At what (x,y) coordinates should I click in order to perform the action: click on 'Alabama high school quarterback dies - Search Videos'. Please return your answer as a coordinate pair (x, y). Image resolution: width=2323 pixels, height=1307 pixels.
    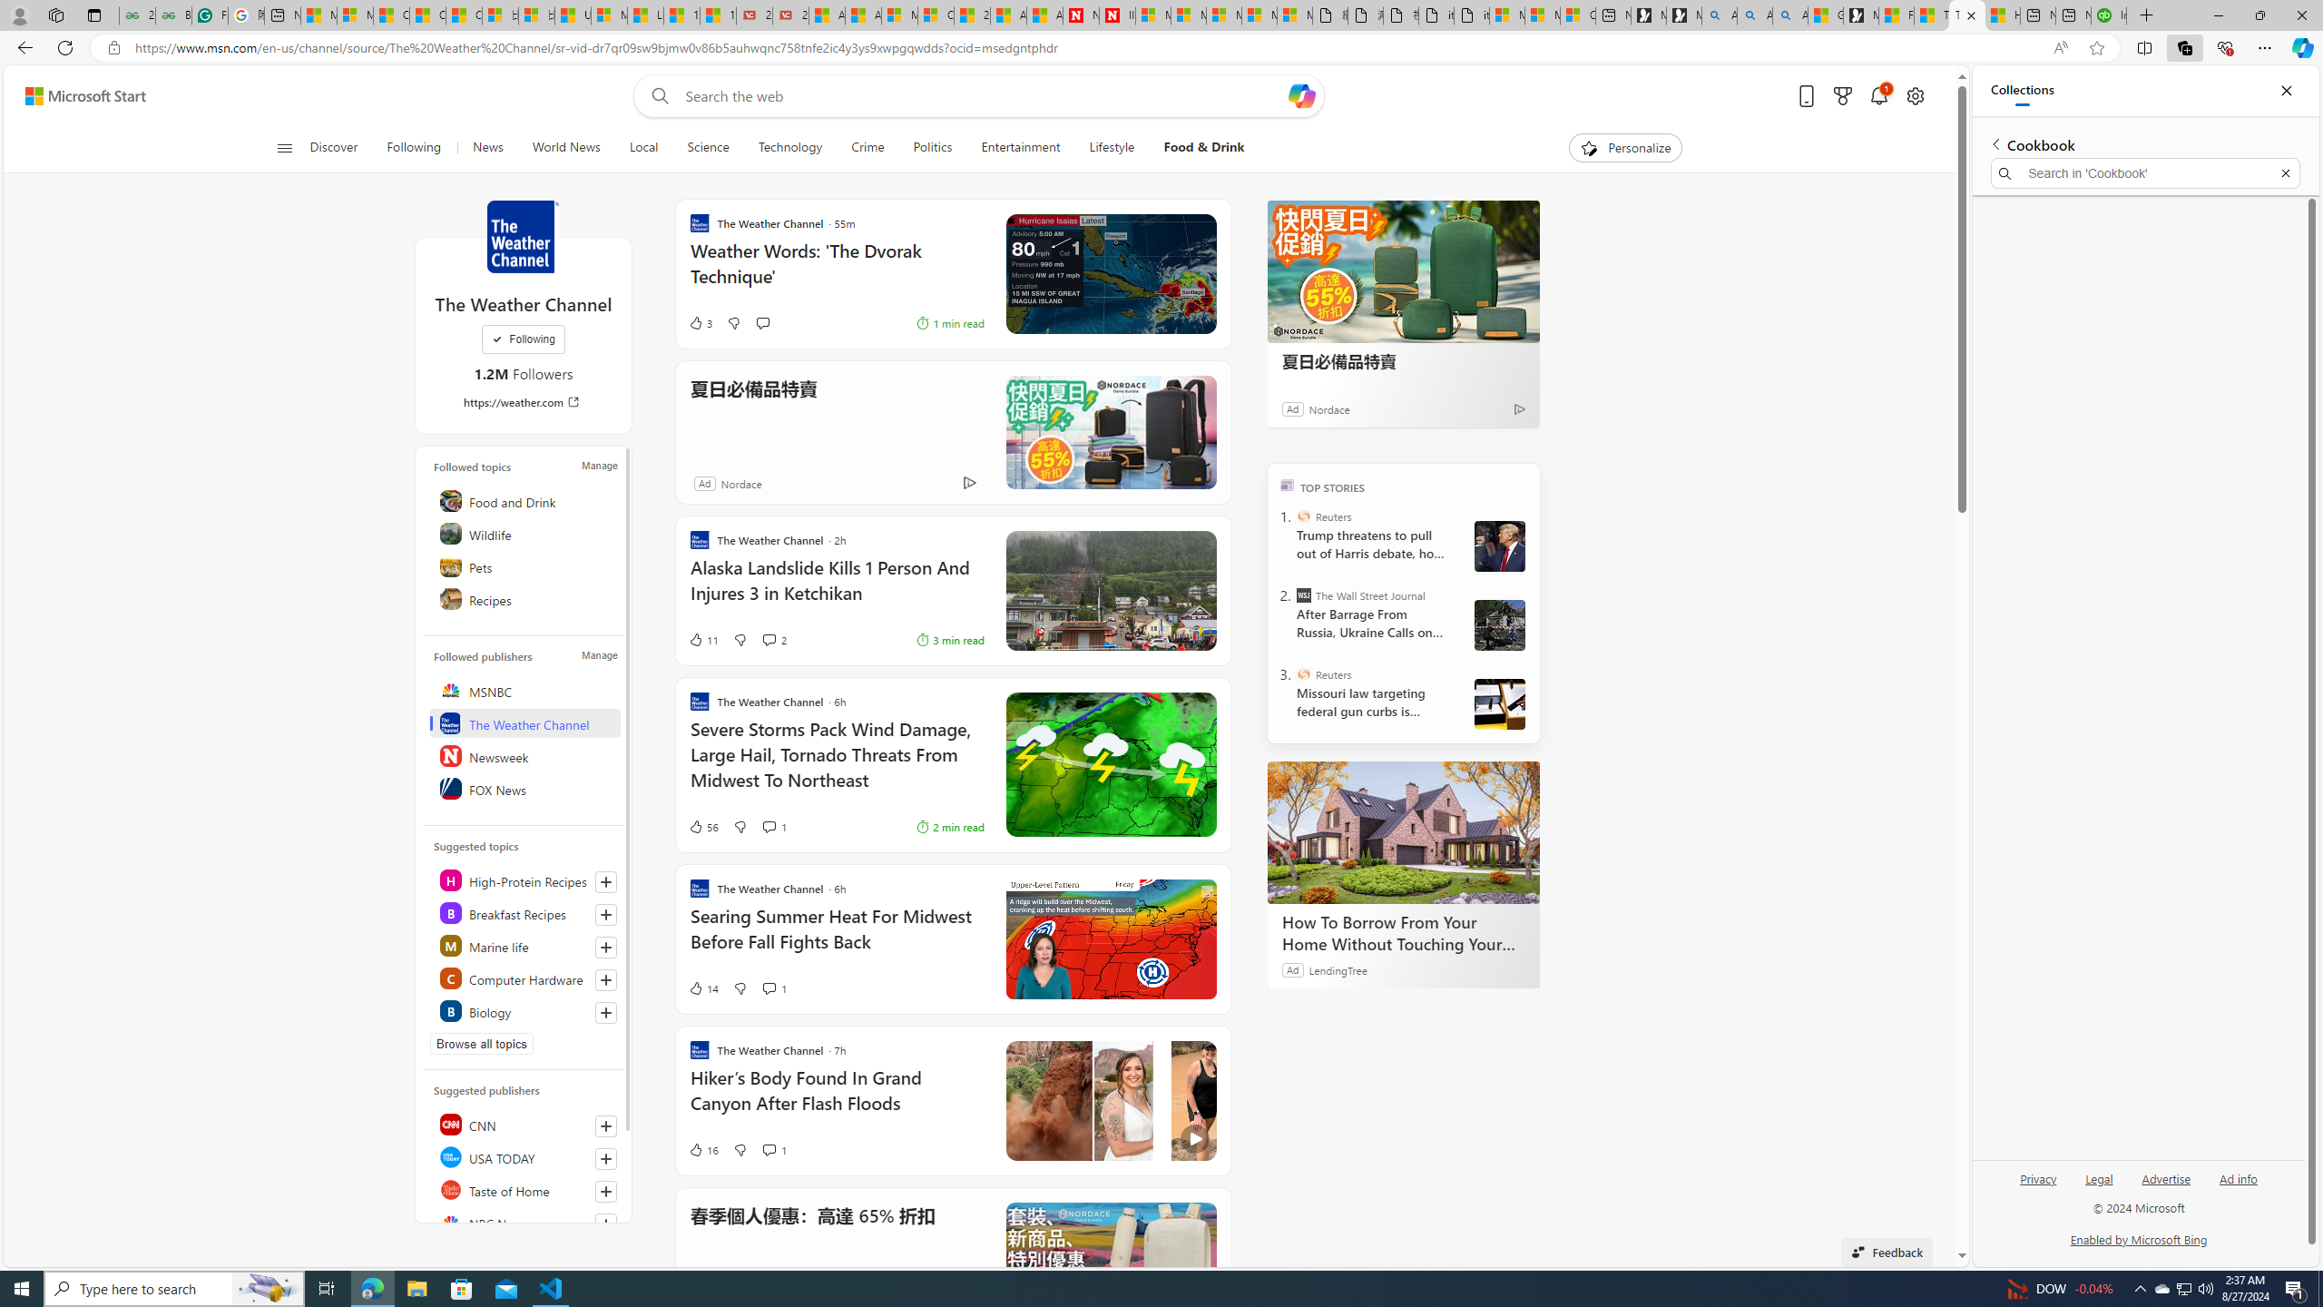
    Looking at the image, I should click on (1789, 15).